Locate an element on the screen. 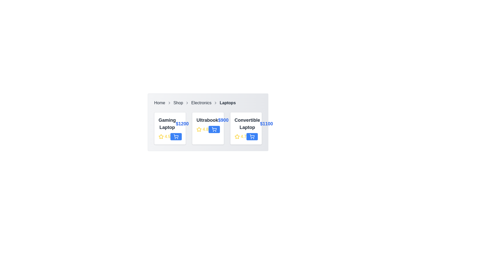 This screenshot has height=278, width=495. the third interactive link in the breadcrumb navigation bar, located between 'Shop' and 'Laptops' is located at coordinates (201, 103).